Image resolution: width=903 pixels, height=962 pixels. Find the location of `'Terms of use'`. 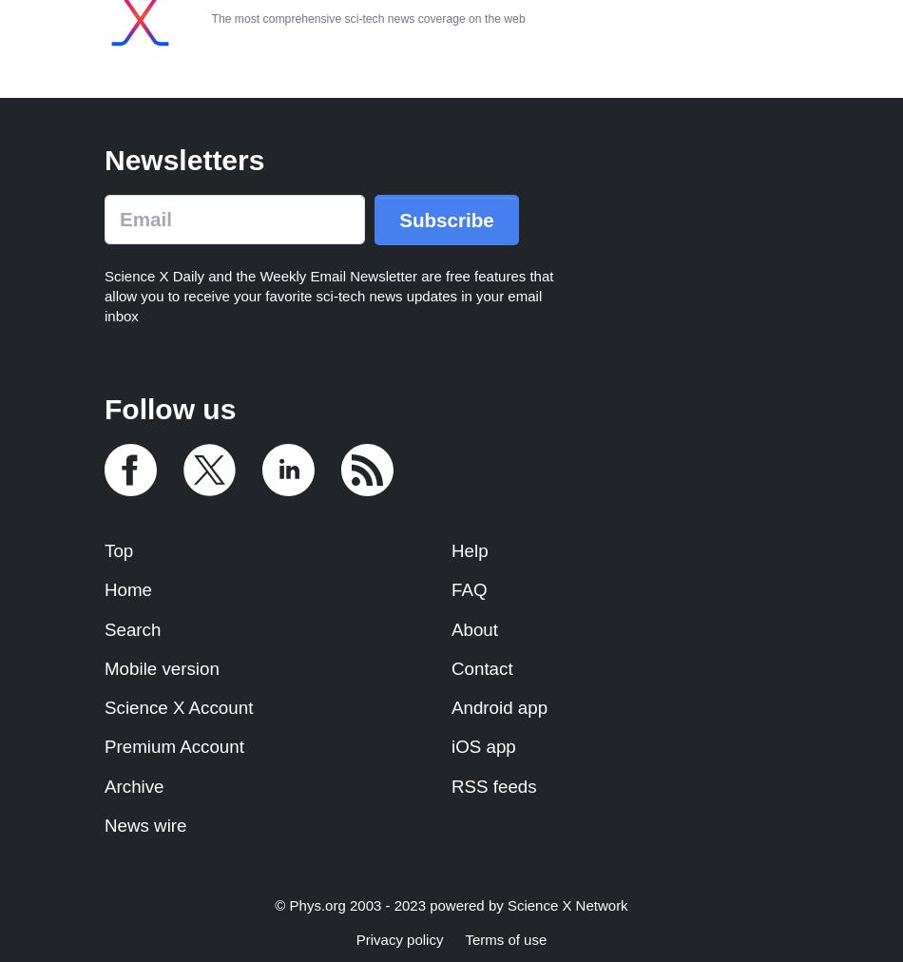

'Terms of use' is located at coordinates (506, 939).